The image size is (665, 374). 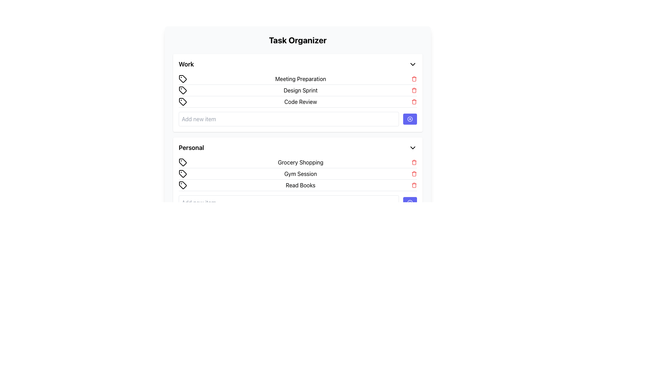 I want to click on the text of the third task item in the 'Personal' category to highlight it, so click(x=298, y=183).